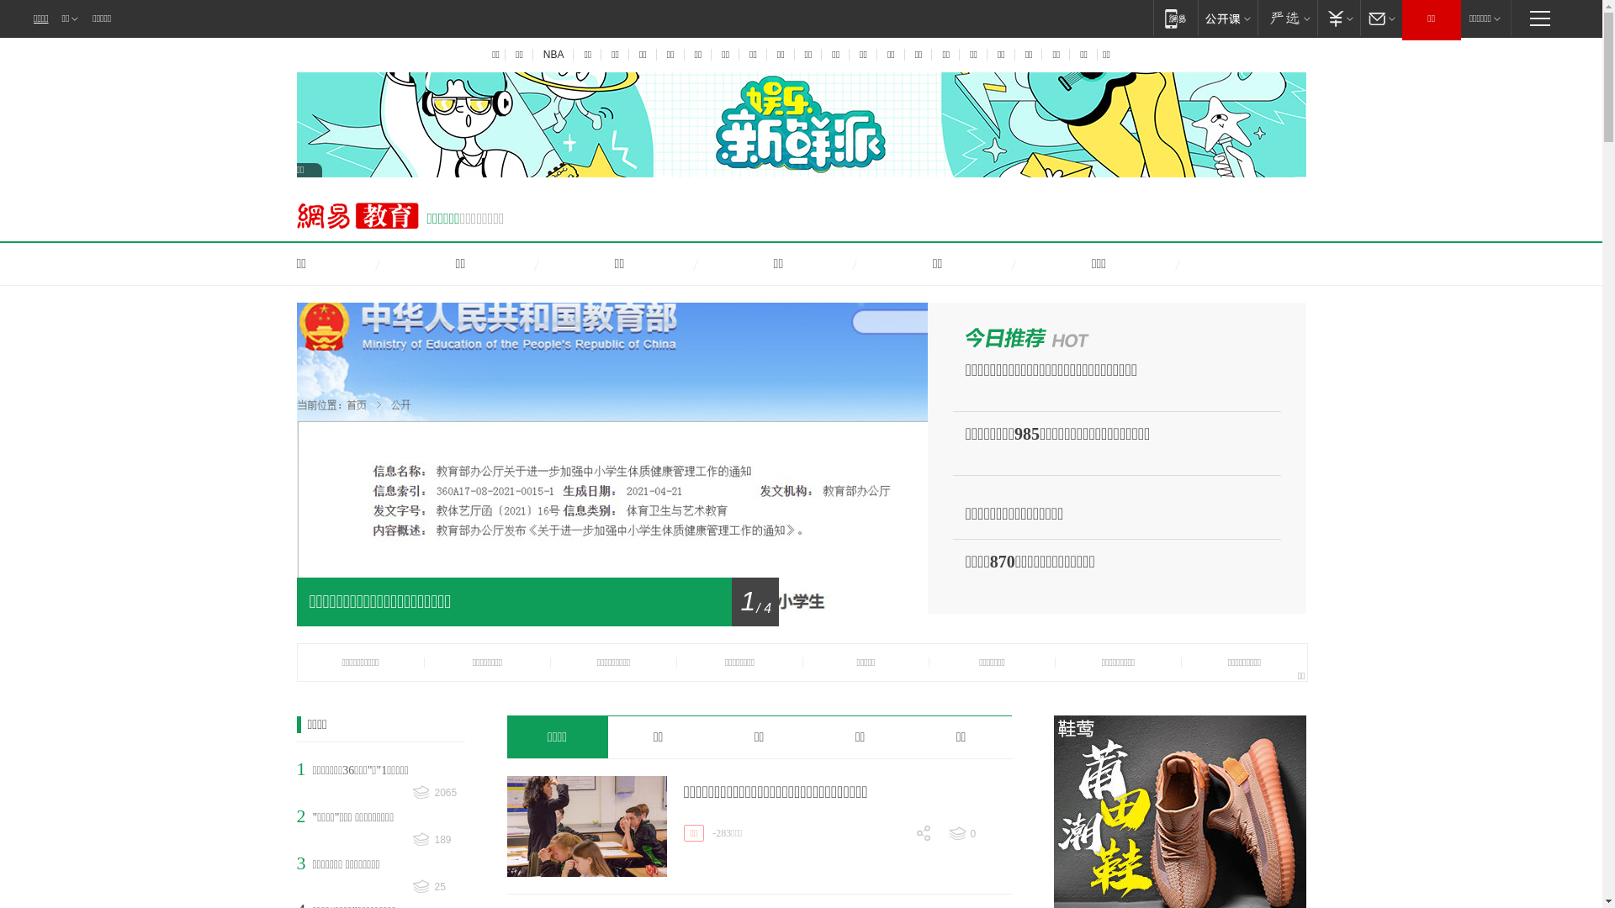 The image size is (1615, 908). What do you see at coordinates (438, 886) in the screenshot?
I see `'25'` at bounding box center [438, 886].